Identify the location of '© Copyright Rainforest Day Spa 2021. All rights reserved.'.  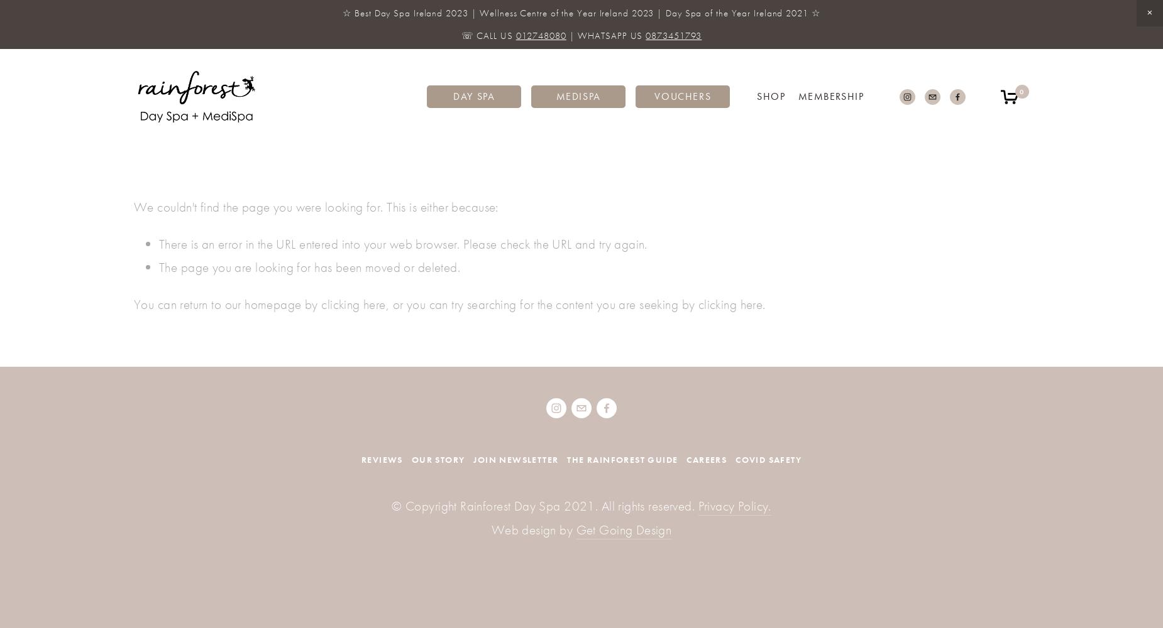
(544, 506).